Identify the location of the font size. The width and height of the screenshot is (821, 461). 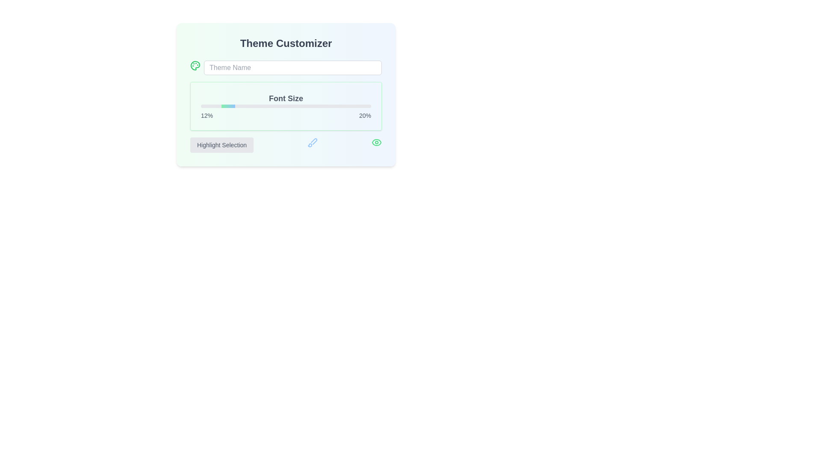
(253, 106).